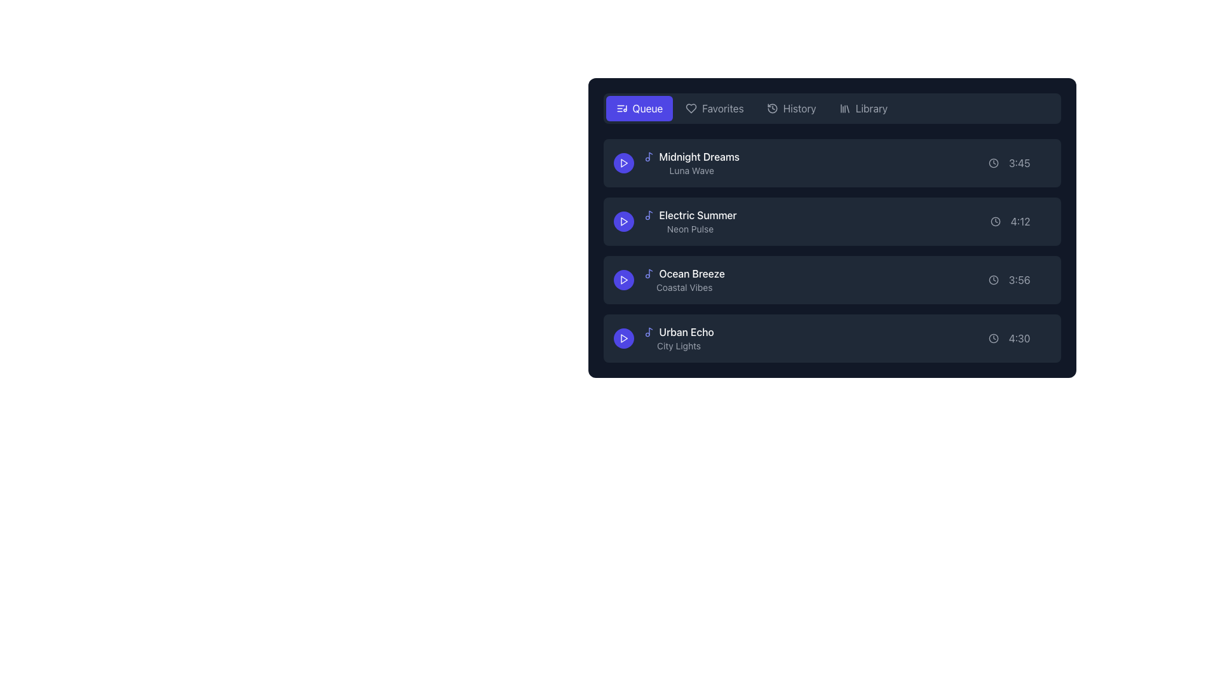 This screenshot has width=1220, height=686. Describe the element at coordinates (621, 107) in the screenshot. I see `the compact musical note icon styled in white on a dark indigo background, located next to the 'Queue' text in the top-left corner of the main visible section` at that location.